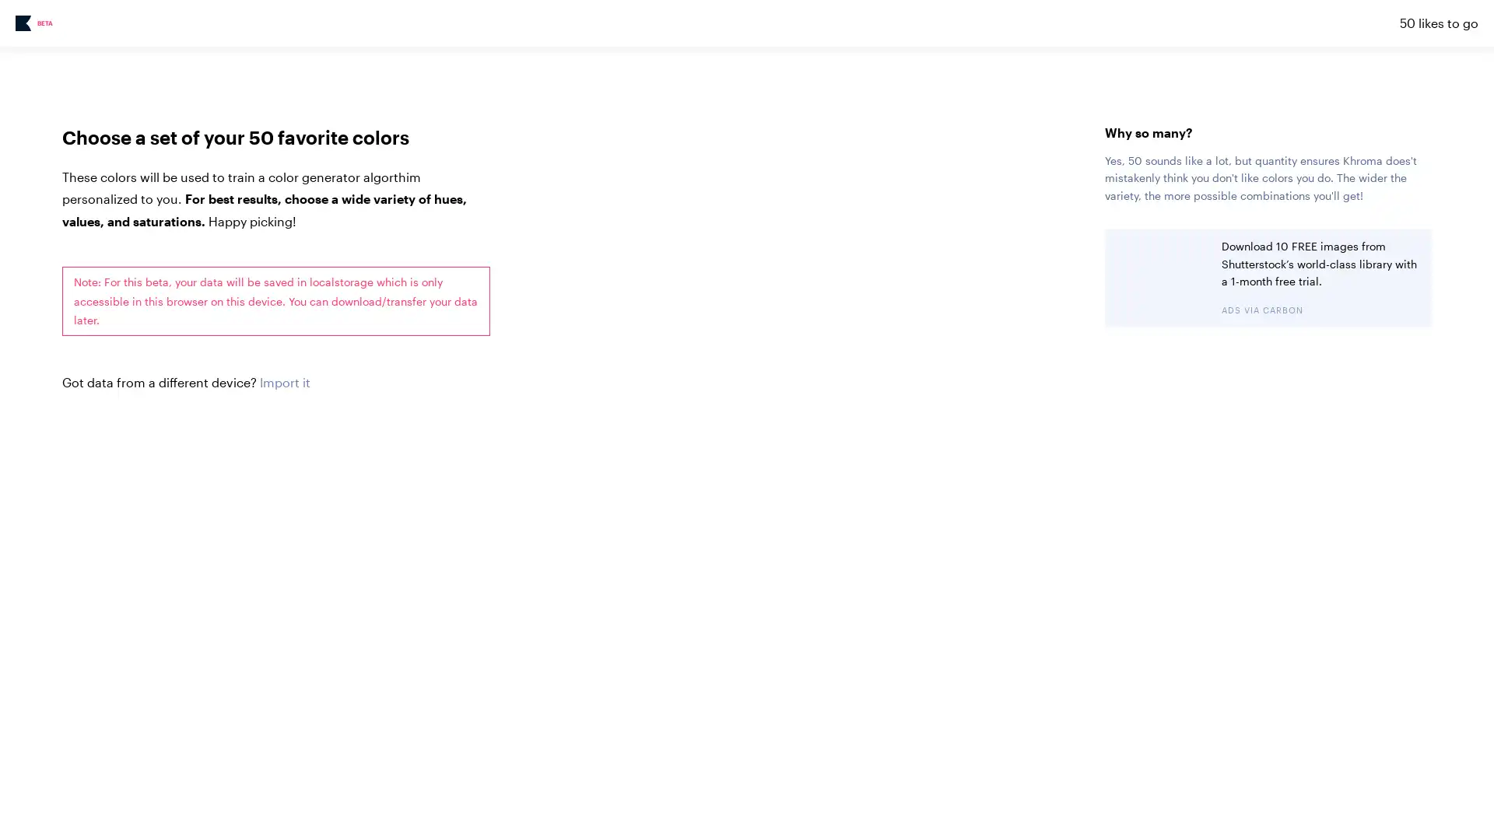 The width and height of the screenshot is (1494, 840). What do you see at coordinates (299, 383) in the screenshot?
I see `Choose File` at bounding box center [299, 383].